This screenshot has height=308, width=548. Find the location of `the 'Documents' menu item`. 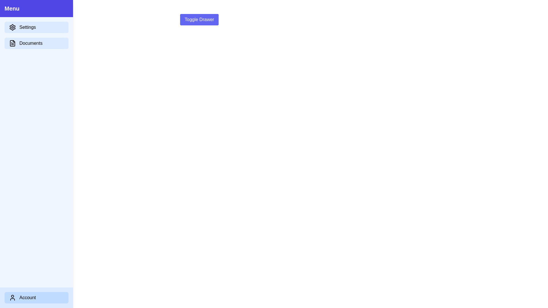

the 'Documents' menu item is located at coordinates (36, 43).